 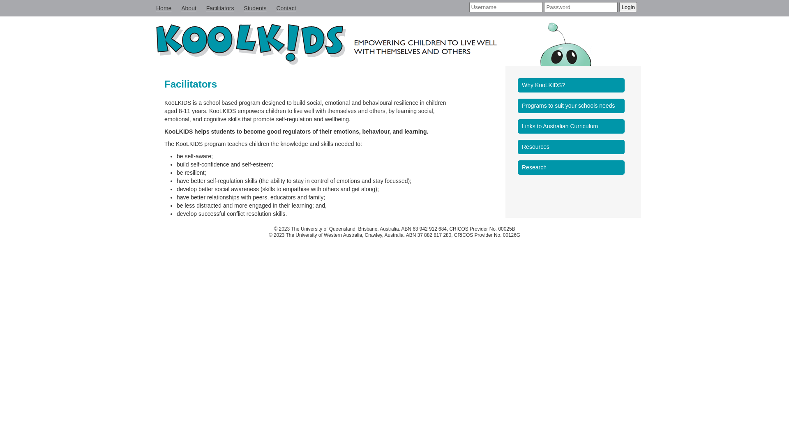 What do you see at coordinates (573, 105) in the screenshot?
I see `'Programs to suit your schools needs'` at bounding box center [573, 105].